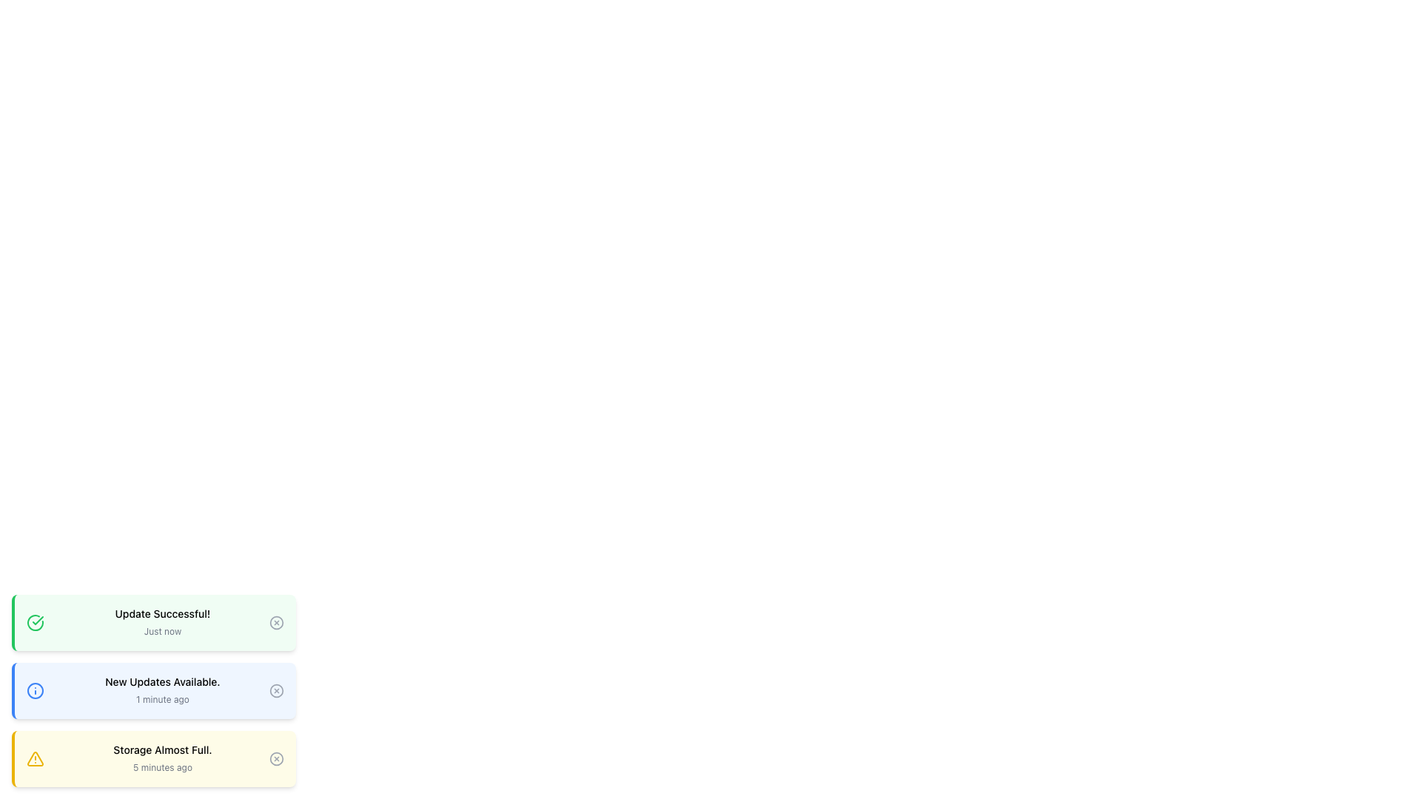 The height and width of the screenshot is (799, 1421). What do you see at coordinates (36, 690) in the screenshot?
I see `the circular icon with a blue border and a centered dot, which is located at the leftmost part of the 'New Updates Available' notification` at bounding box center [36, 690].